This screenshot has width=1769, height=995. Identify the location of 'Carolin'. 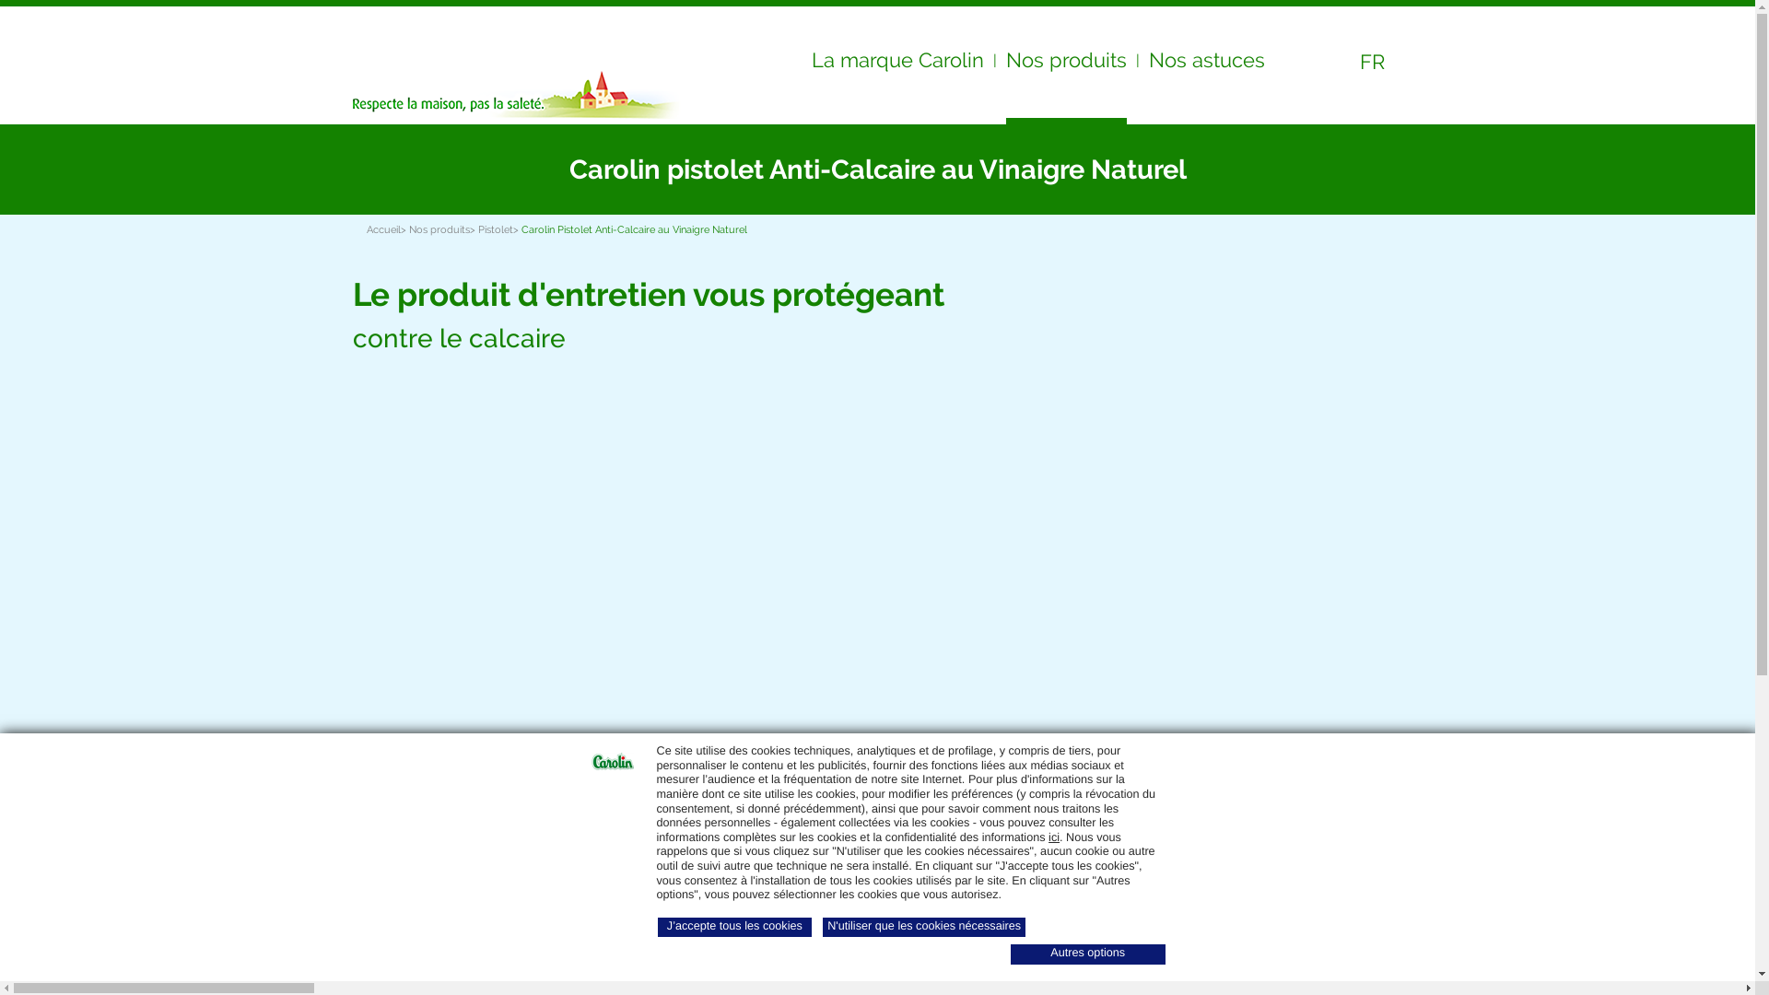
(440, 53).